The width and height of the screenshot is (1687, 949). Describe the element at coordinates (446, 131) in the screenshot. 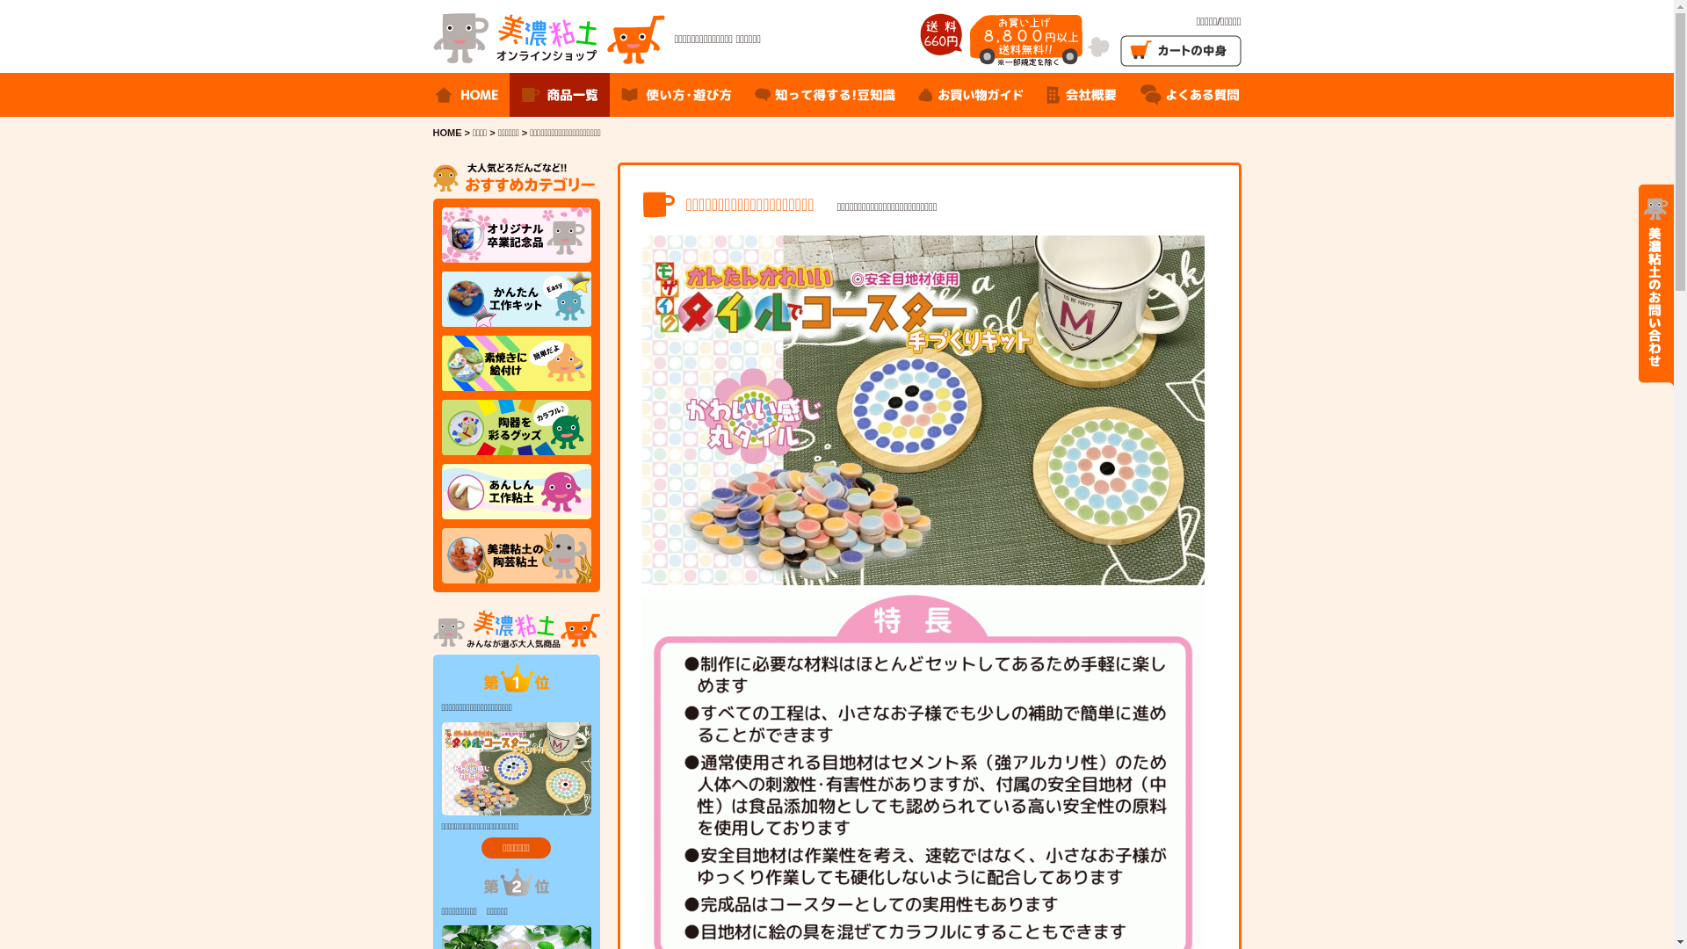

I see `'HOME'` at that location.